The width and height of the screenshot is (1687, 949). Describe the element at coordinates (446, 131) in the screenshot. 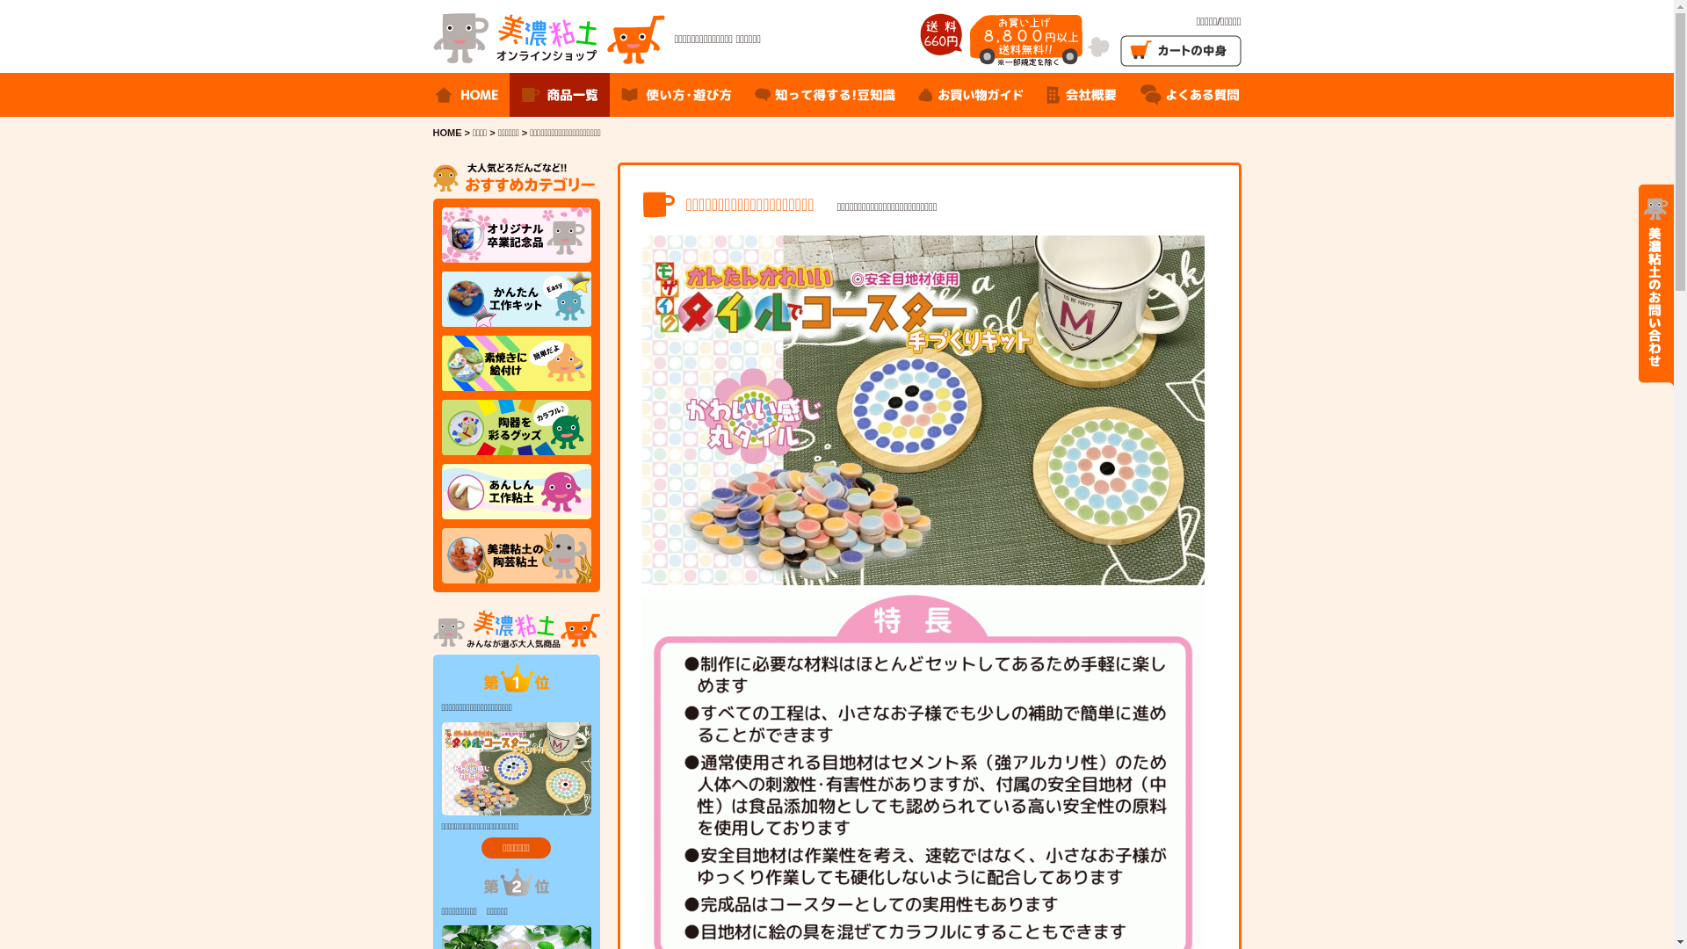

I see `'HOME'` at that location.